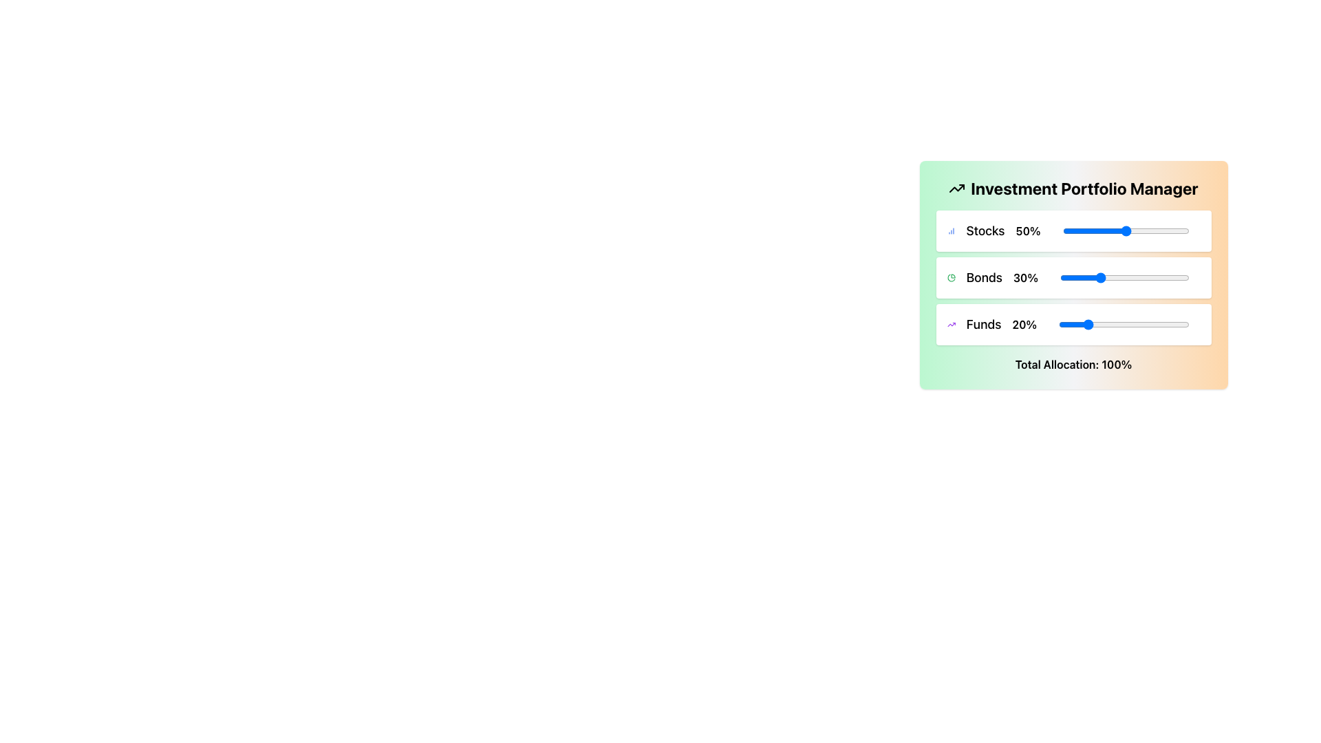  Describe the element at coordinates (956, 188) in the screenshot. I see `the small upward-trending arrow icon located next to the bolded text 'Investment Portfolio Manager' at the top of the content box` at that location.